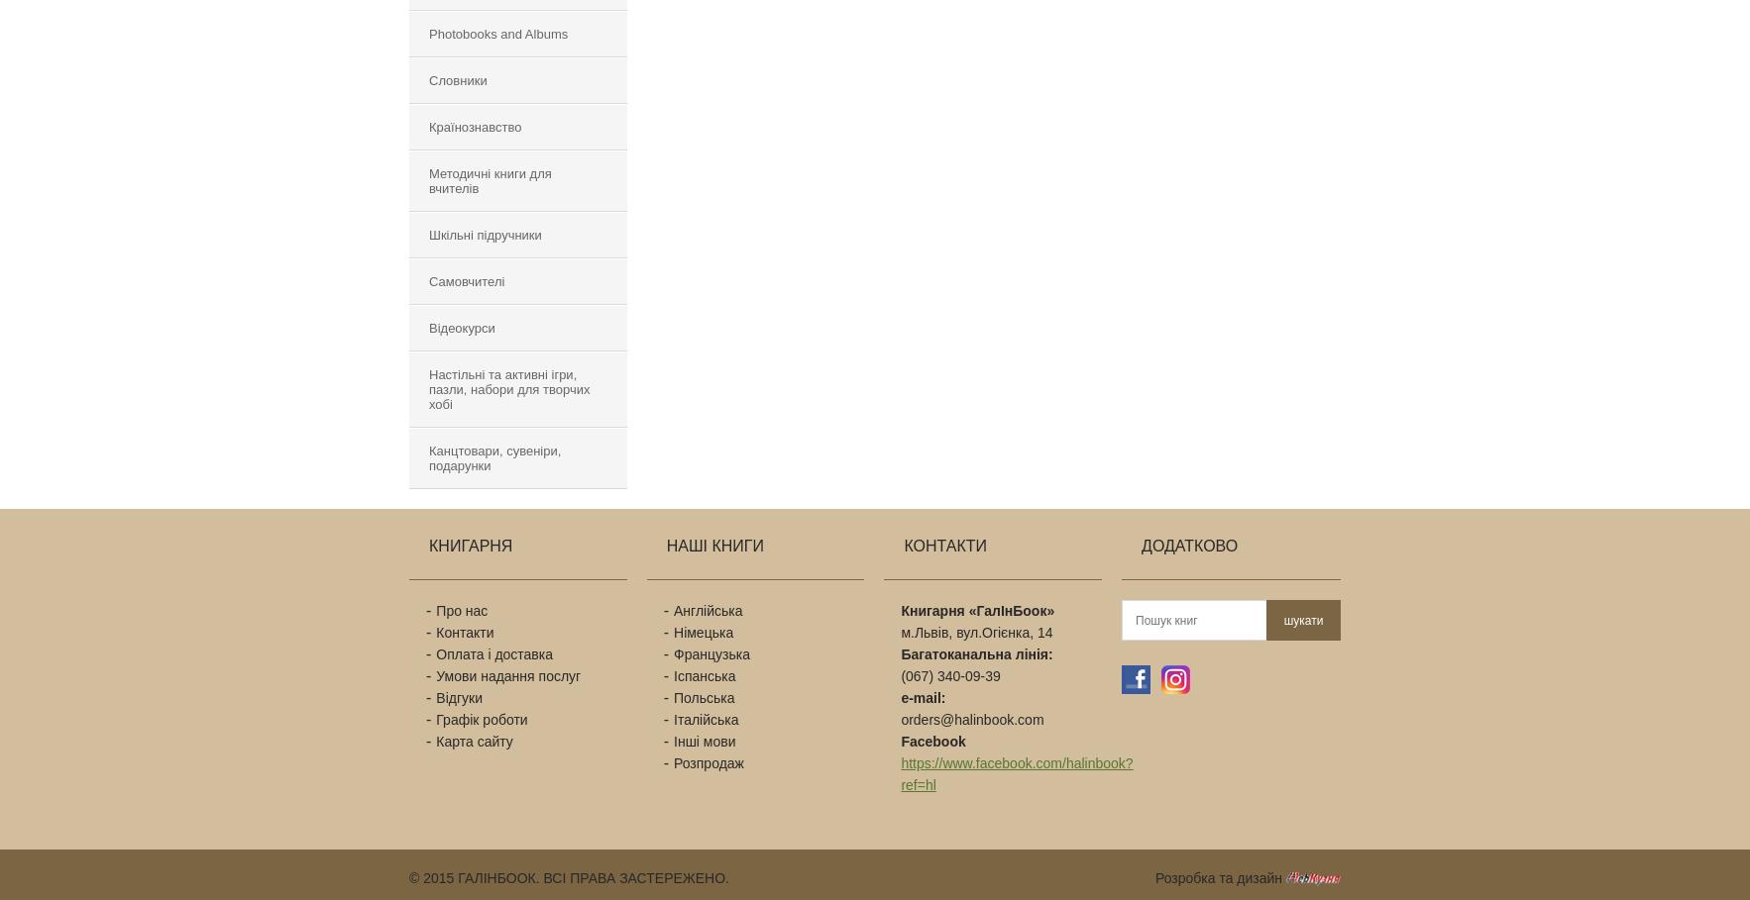 The height and width of the screenshot is (900, 1750). What do you see at coordinates (568, 878) in the screenshot?
I see `'© 2015 ГалІнБоок. Всі права застережено.'` at bounding box center [568, 878].